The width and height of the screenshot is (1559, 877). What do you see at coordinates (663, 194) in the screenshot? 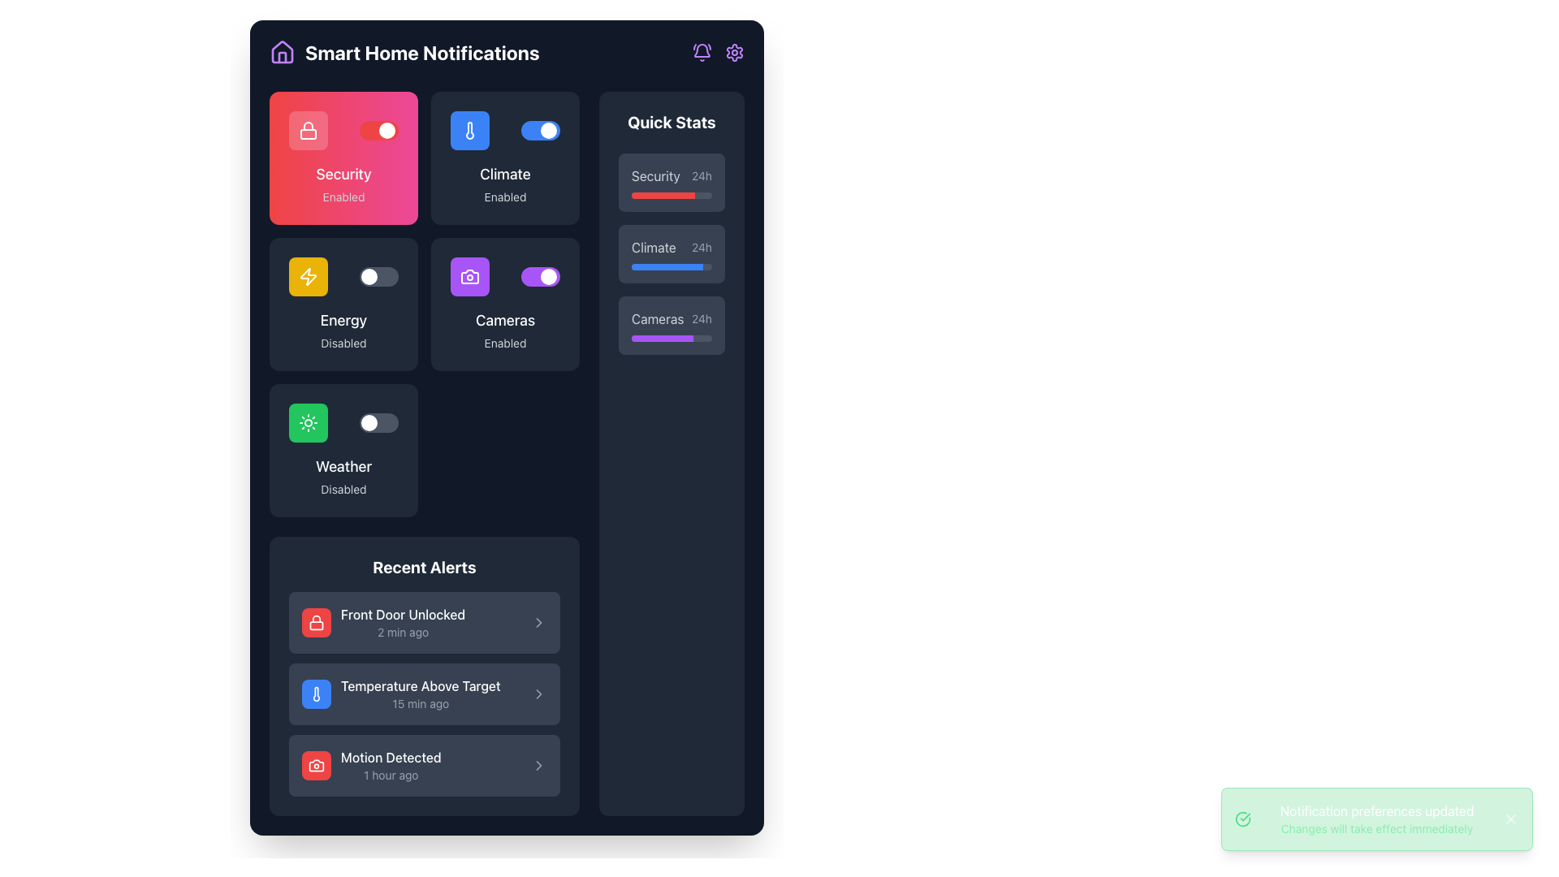
I see `security activity level` at bounding box center [663, 194].